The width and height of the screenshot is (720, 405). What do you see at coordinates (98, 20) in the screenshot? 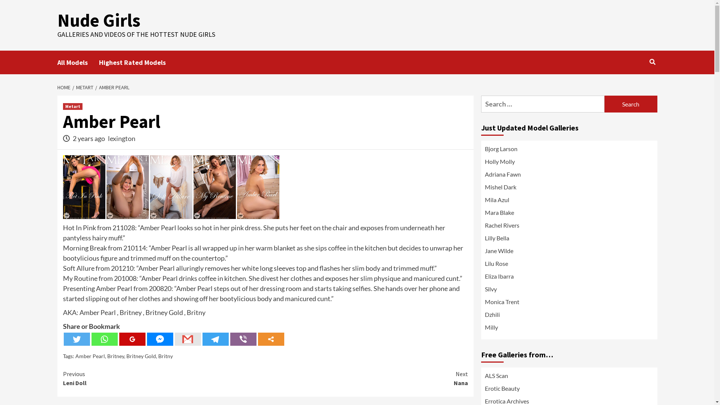
I see `'Nude Girls'` at bounding box center [98, 20].